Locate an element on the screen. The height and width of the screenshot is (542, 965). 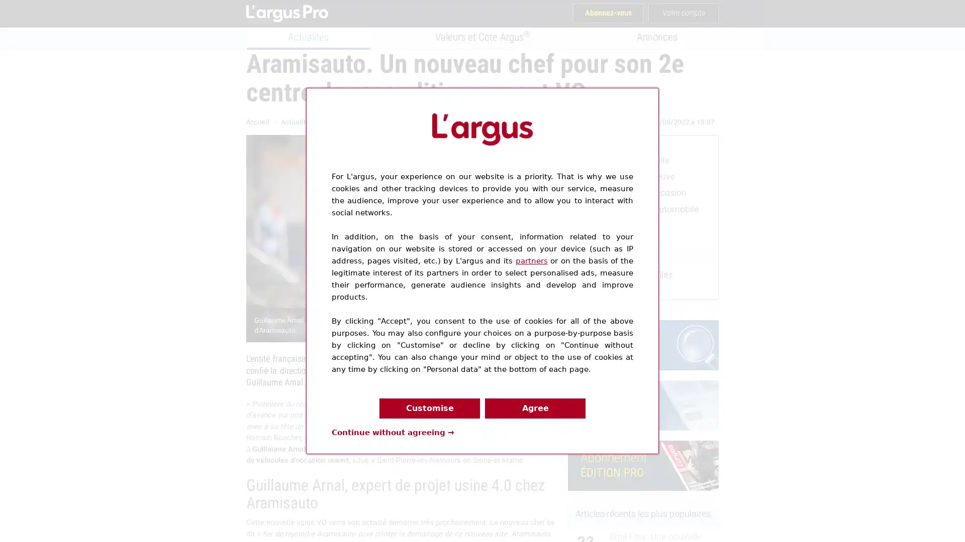
Continue without agreeing is located at coordinates (393, 431).